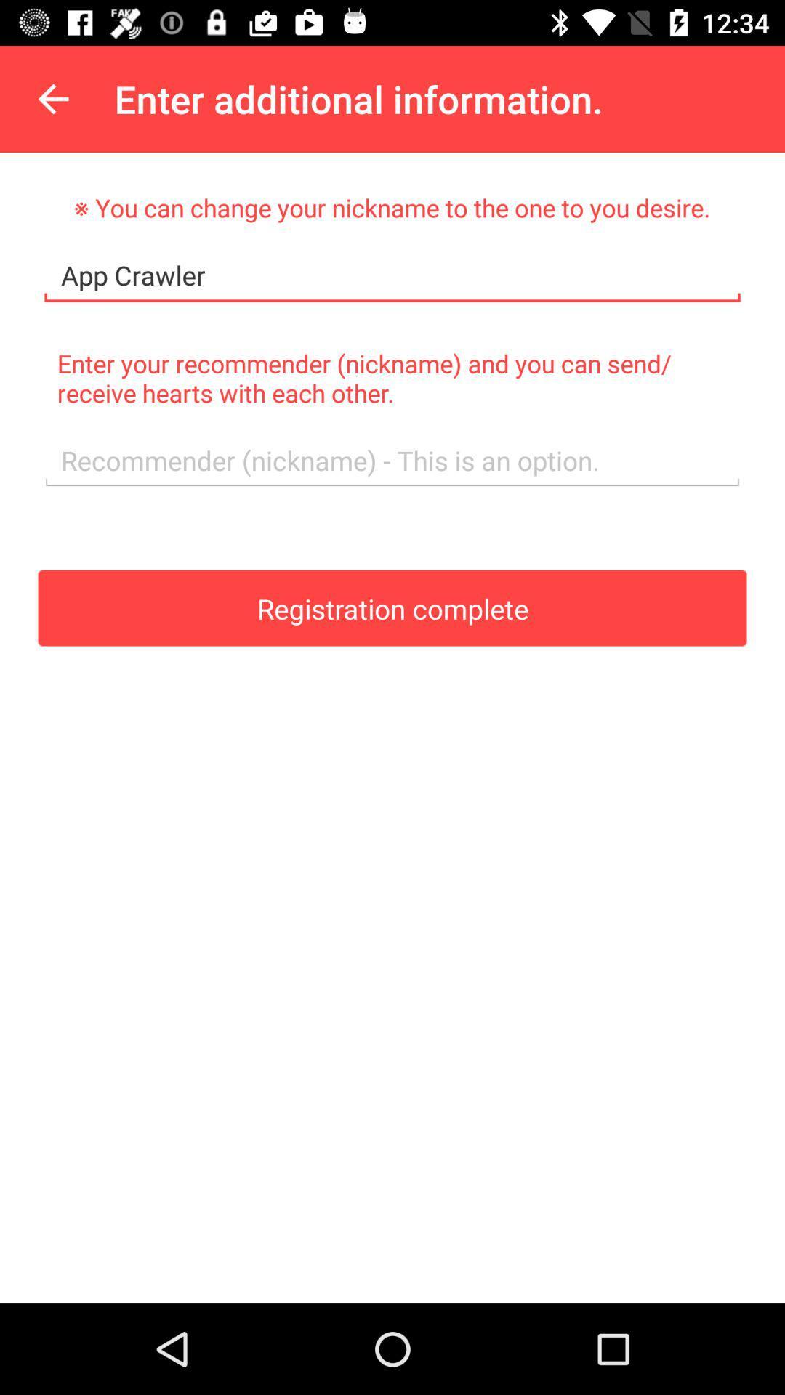  What do you see at coordinates (52, 98) in the screenshot?
I see `the icon at the top left corner` at bounding box center [52, 98].